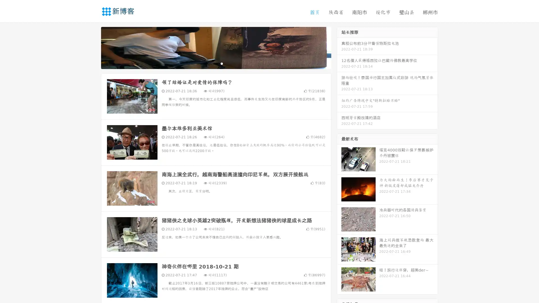  I want to click on Previous slide, so click(93, 47).